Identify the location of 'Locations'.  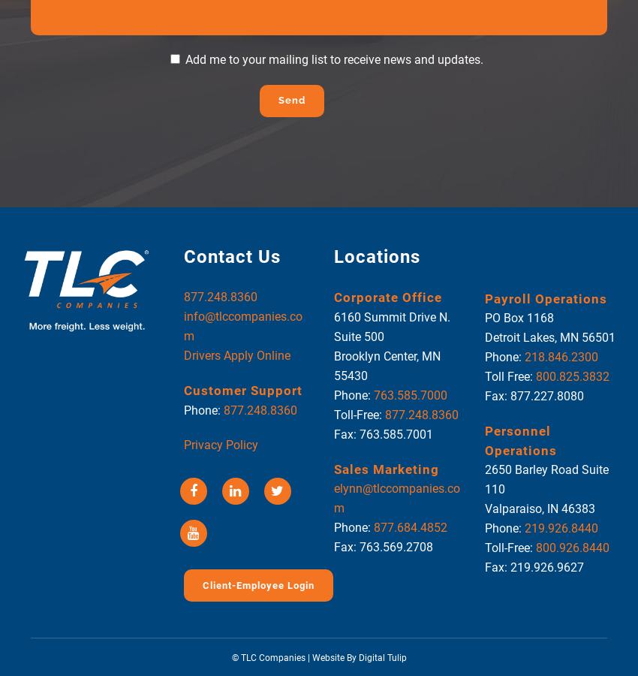
(377, 256).